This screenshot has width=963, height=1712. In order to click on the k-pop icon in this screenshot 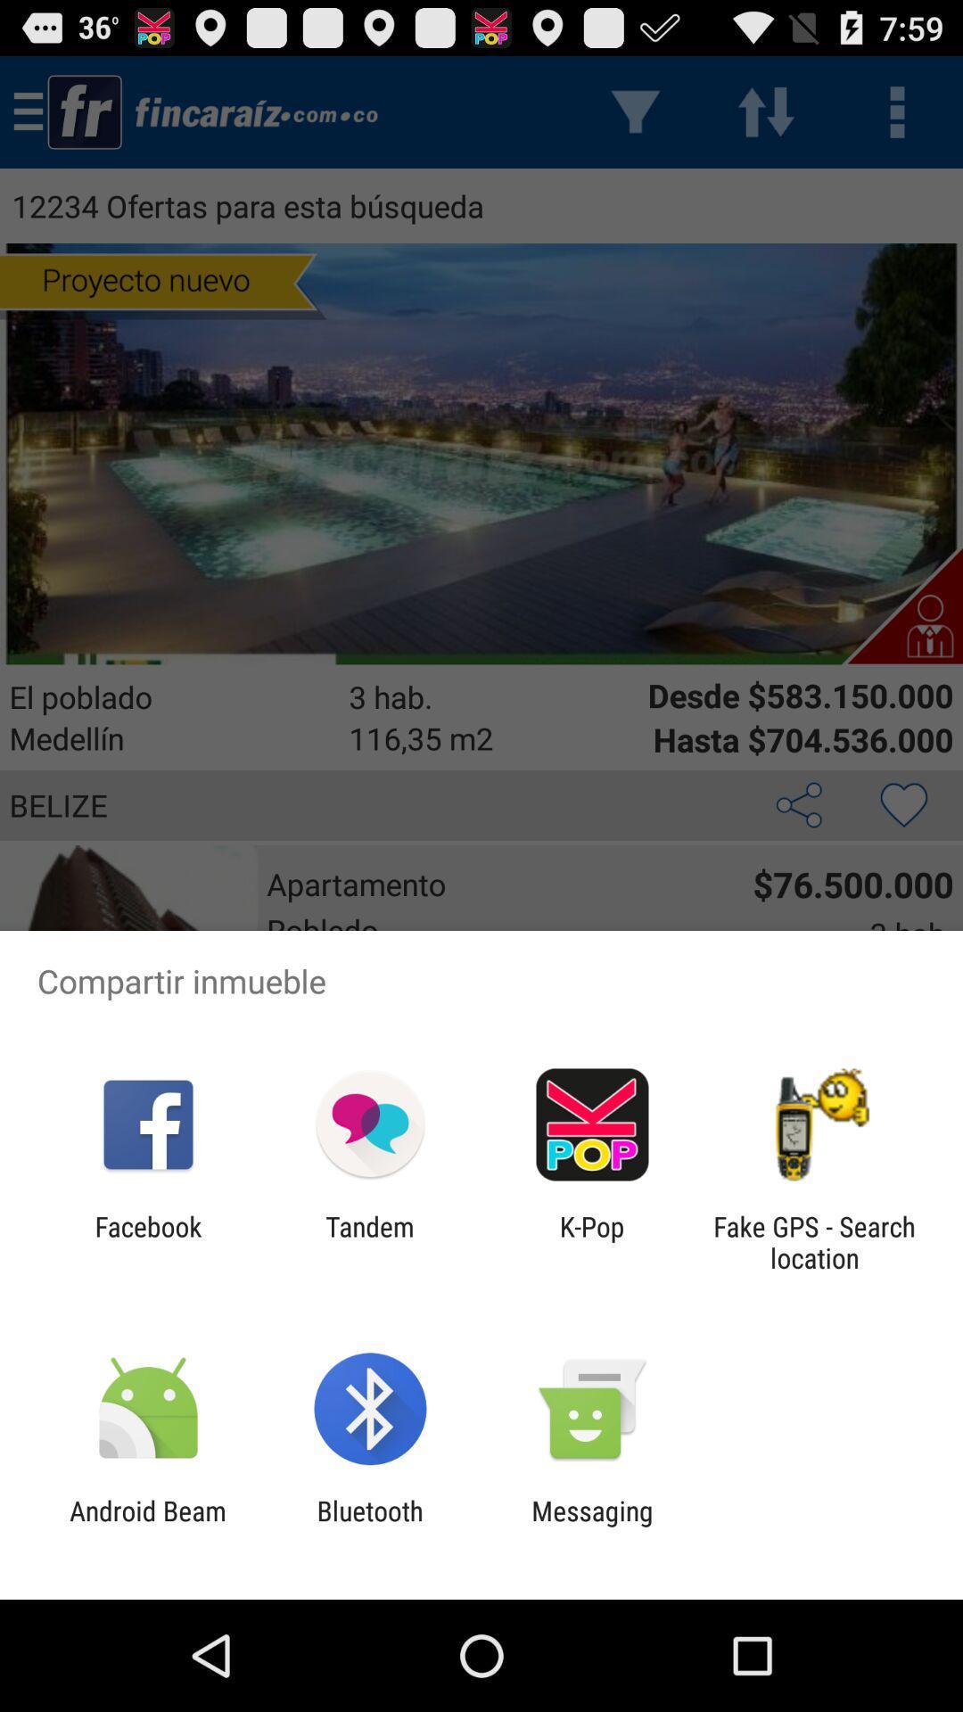, I will do `click(592, 1241)`.